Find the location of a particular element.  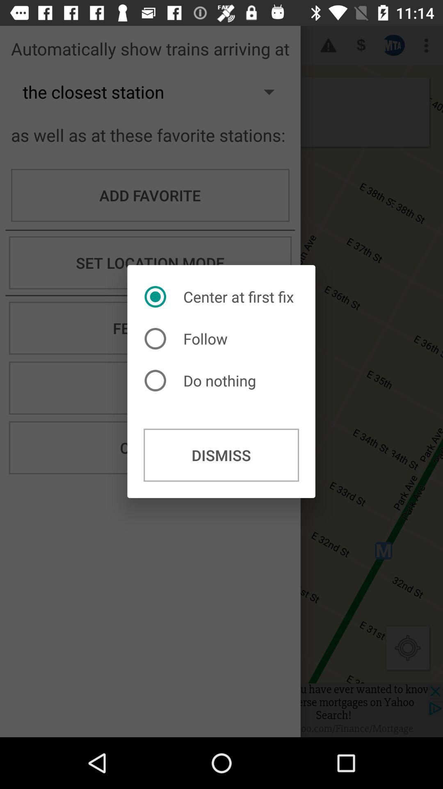

the radio button above follow icon is located at coordinates (221, 296).